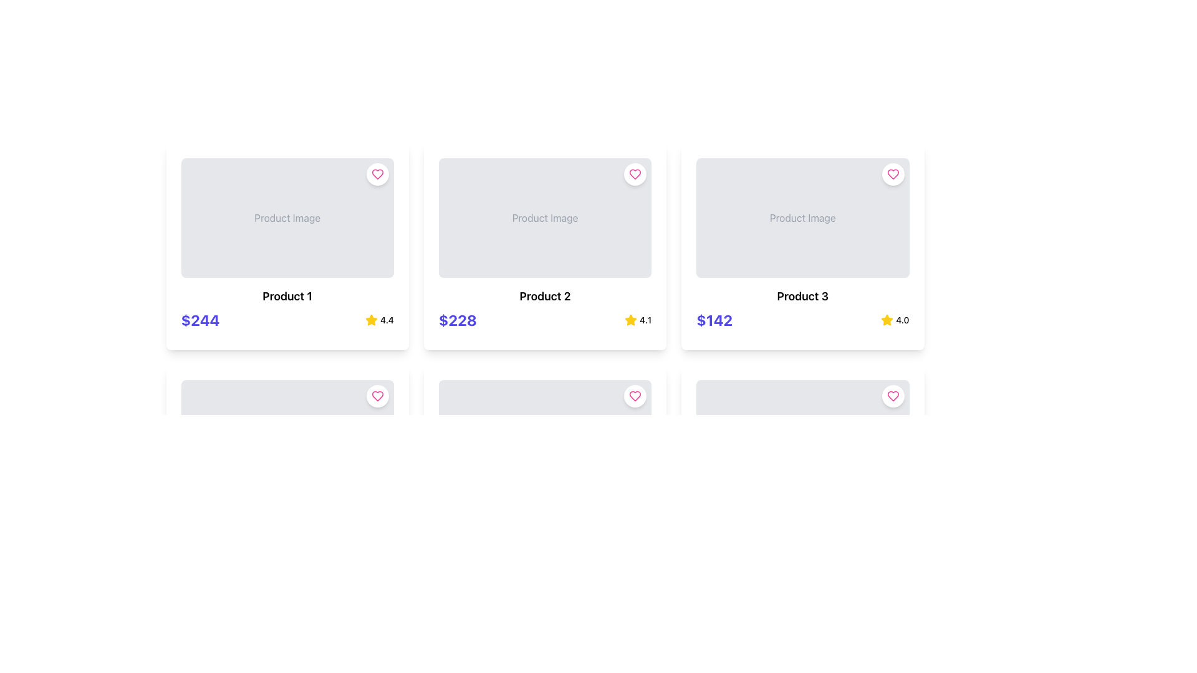  What do you see at coordinates (635, 396) in the screenshot?
I see `the heart icon located at the top-right corner of the second product card in the grid layout` at bounding box center [635, 396].